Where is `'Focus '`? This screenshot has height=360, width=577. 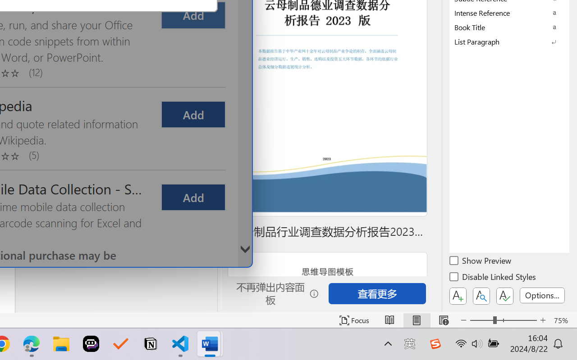 'Focus ' is located at coordinates (354, 320).